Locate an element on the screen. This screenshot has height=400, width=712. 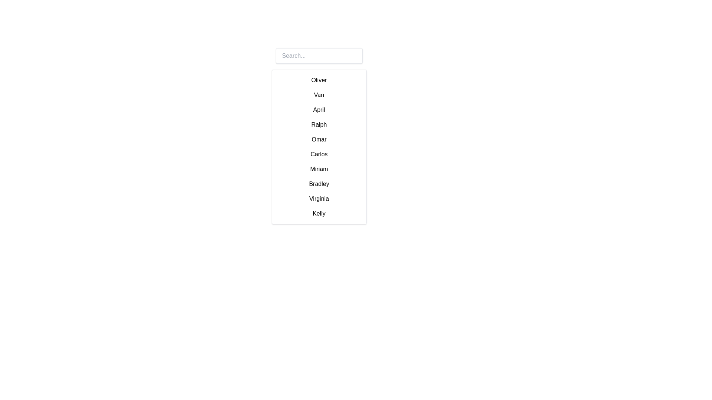
the seventh item in the vertical list of names is located at coordinates (319, 169).